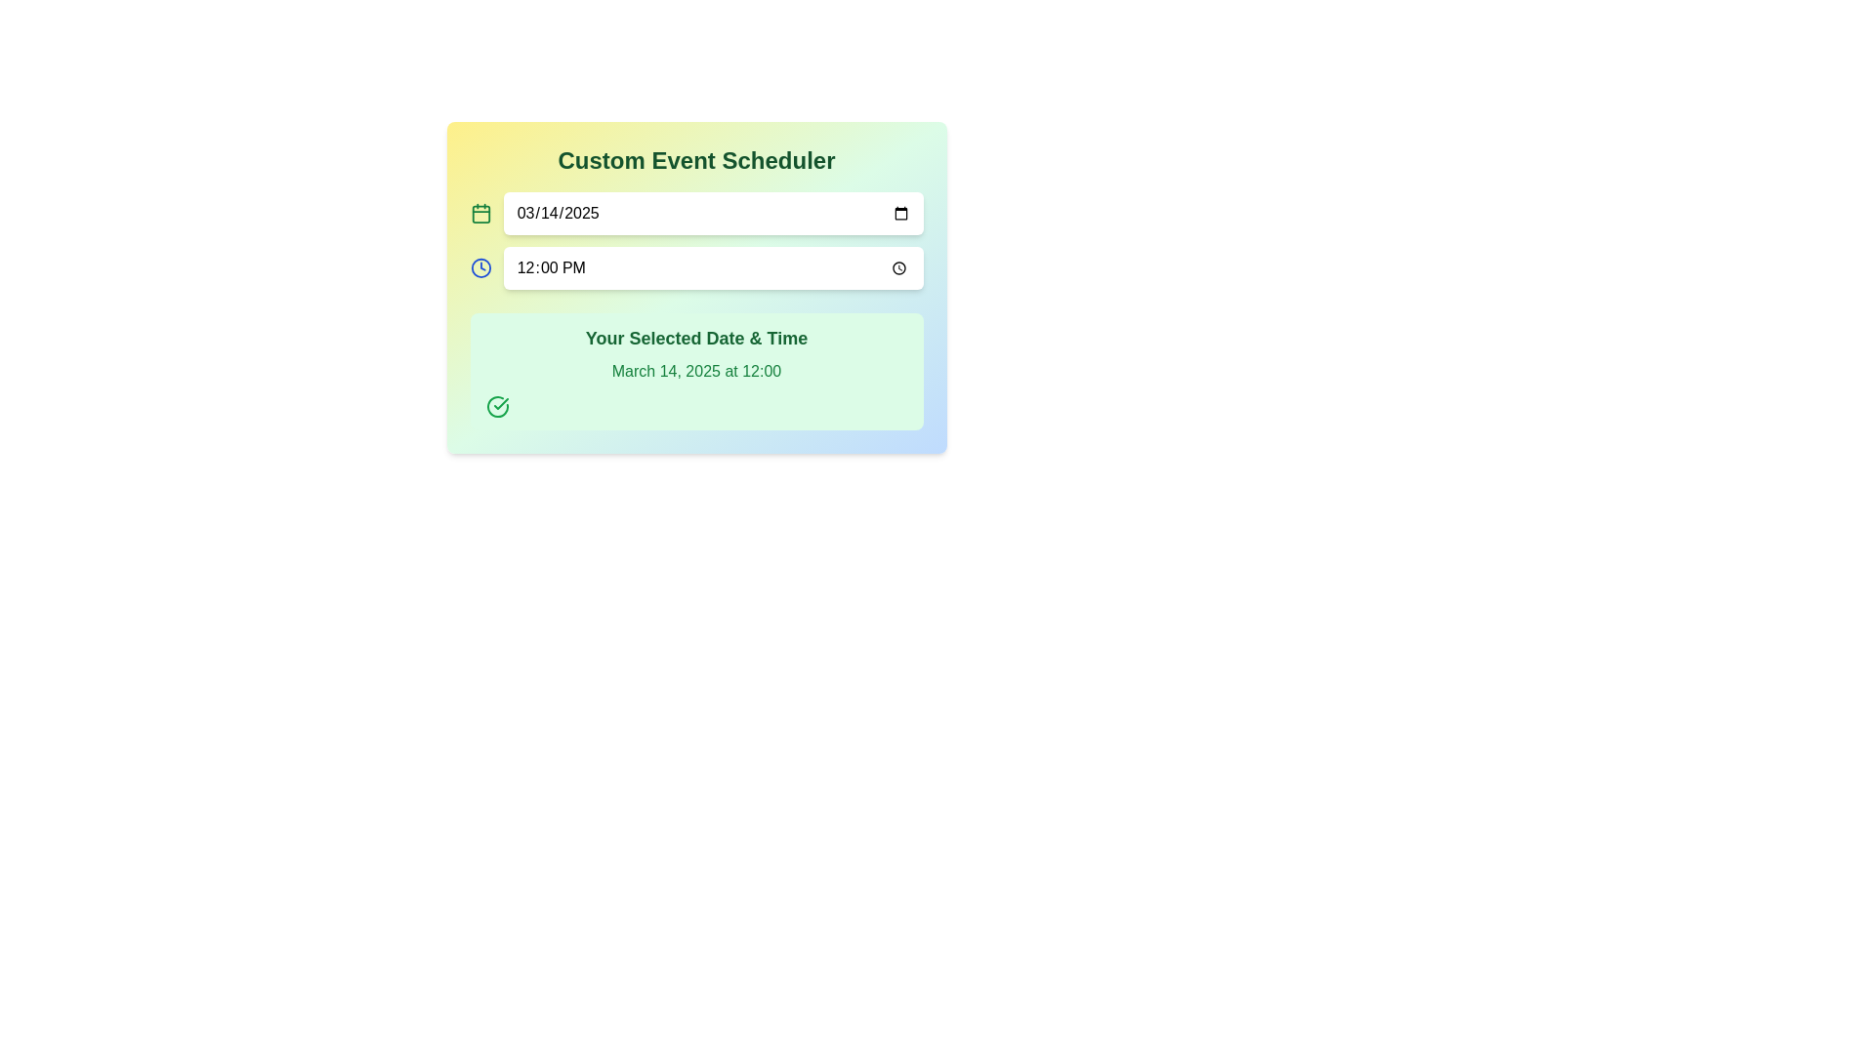 This screenshot has height=1054, width=1875. I want to click on the text label that summarizes the selected date and time in the event scheduler interface, which is positioned within a rounded rectangle with a light green background, so click(696, 338).